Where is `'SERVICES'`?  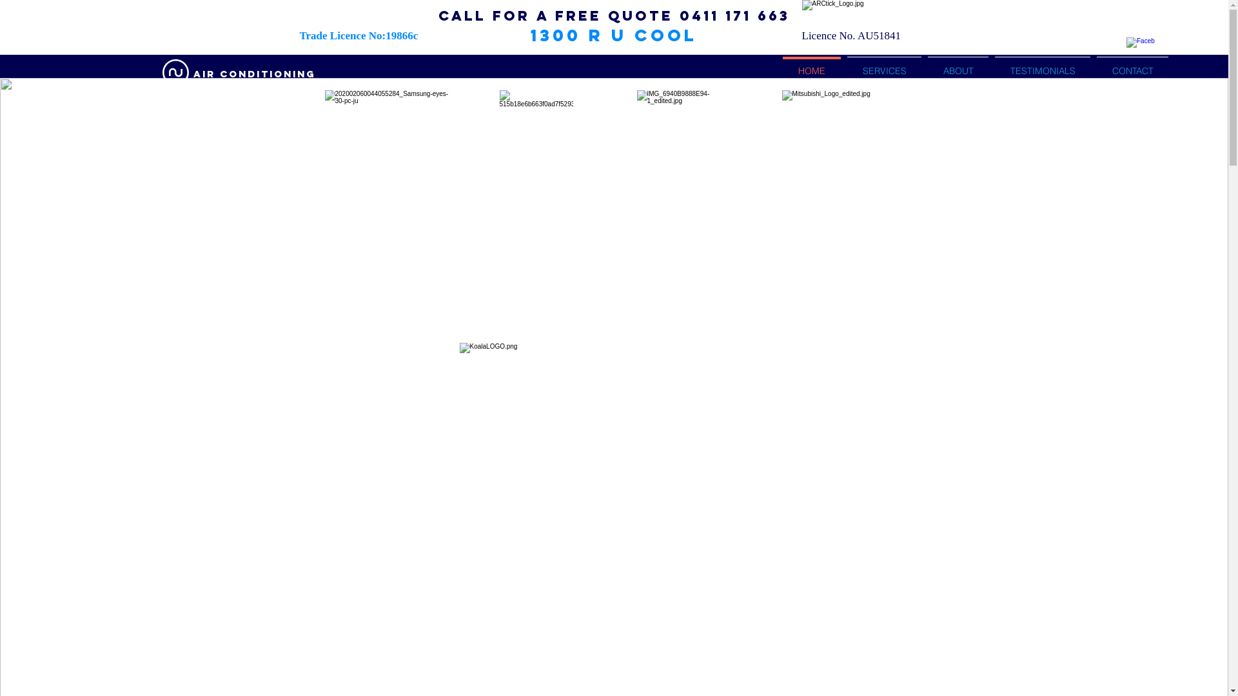
'SERVICES' is located at coordinates (844, 65).